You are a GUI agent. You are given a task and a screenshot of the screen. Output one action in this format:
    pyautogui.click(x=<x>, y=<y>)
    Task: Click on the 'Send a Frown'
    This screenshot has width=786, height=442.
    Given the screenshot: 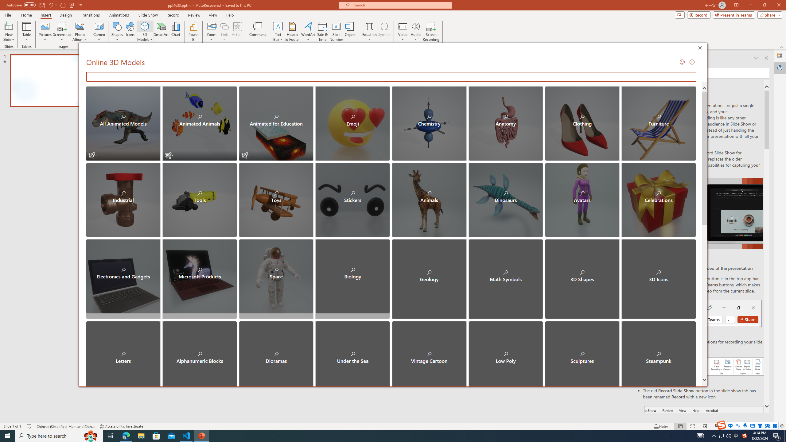 What is the action you would take?
    pyautogui.click(x=691, y=61)
    